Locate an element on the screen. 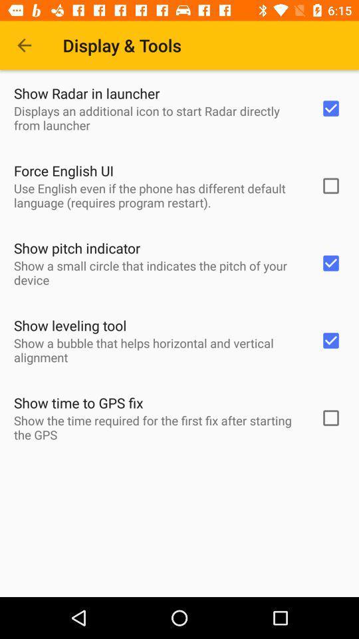 The width and height of the screenshot is (359, 639). icon below the show radar in icon is located at coordinates (158, 117).